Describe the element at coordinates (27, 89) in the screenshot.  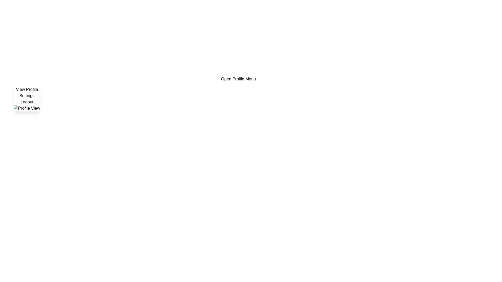
I see `the 'View Profile' text label, which is the first item in a vertical list of navigation actions` at that location.